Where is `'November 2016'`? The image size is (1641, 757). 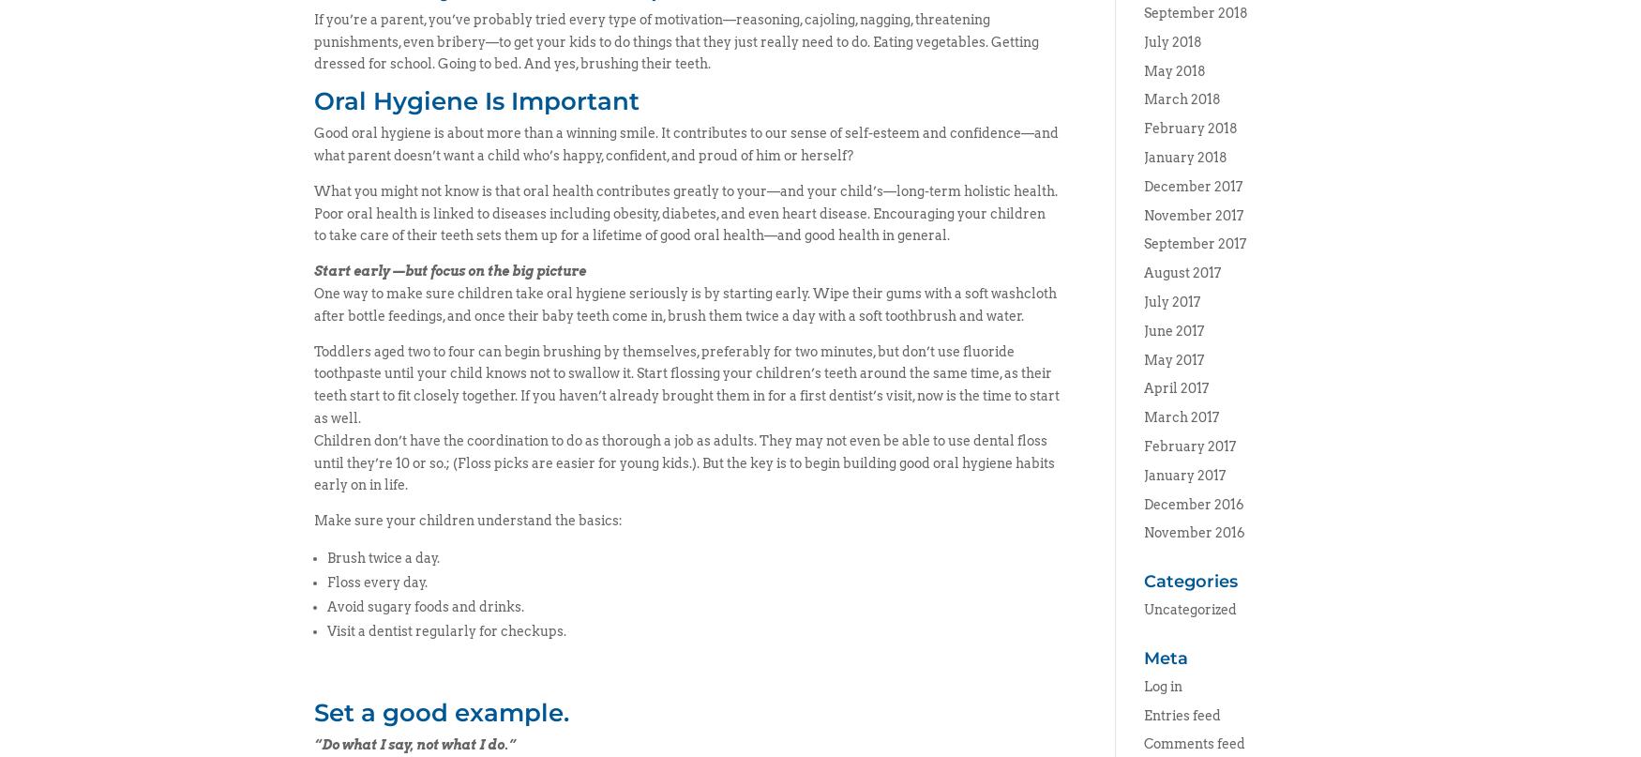
'November 2016' is located at coordinates (1143, 531).